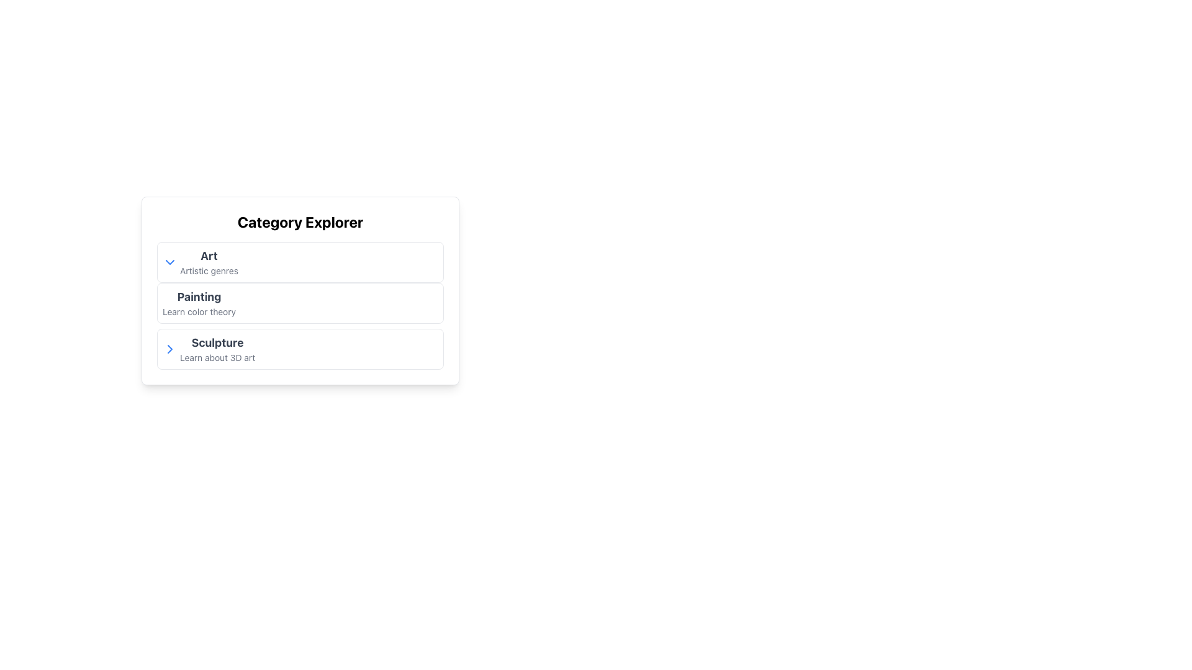 The width and height of the screenshot is (1192, 670). What do you see at coordinates (169, 349) in the screenshot?
I see `the SVG arrow icon at the leftmost part of the row labeled 'Sculpture Learn about 3D art'` at bounding box center [169, 349].